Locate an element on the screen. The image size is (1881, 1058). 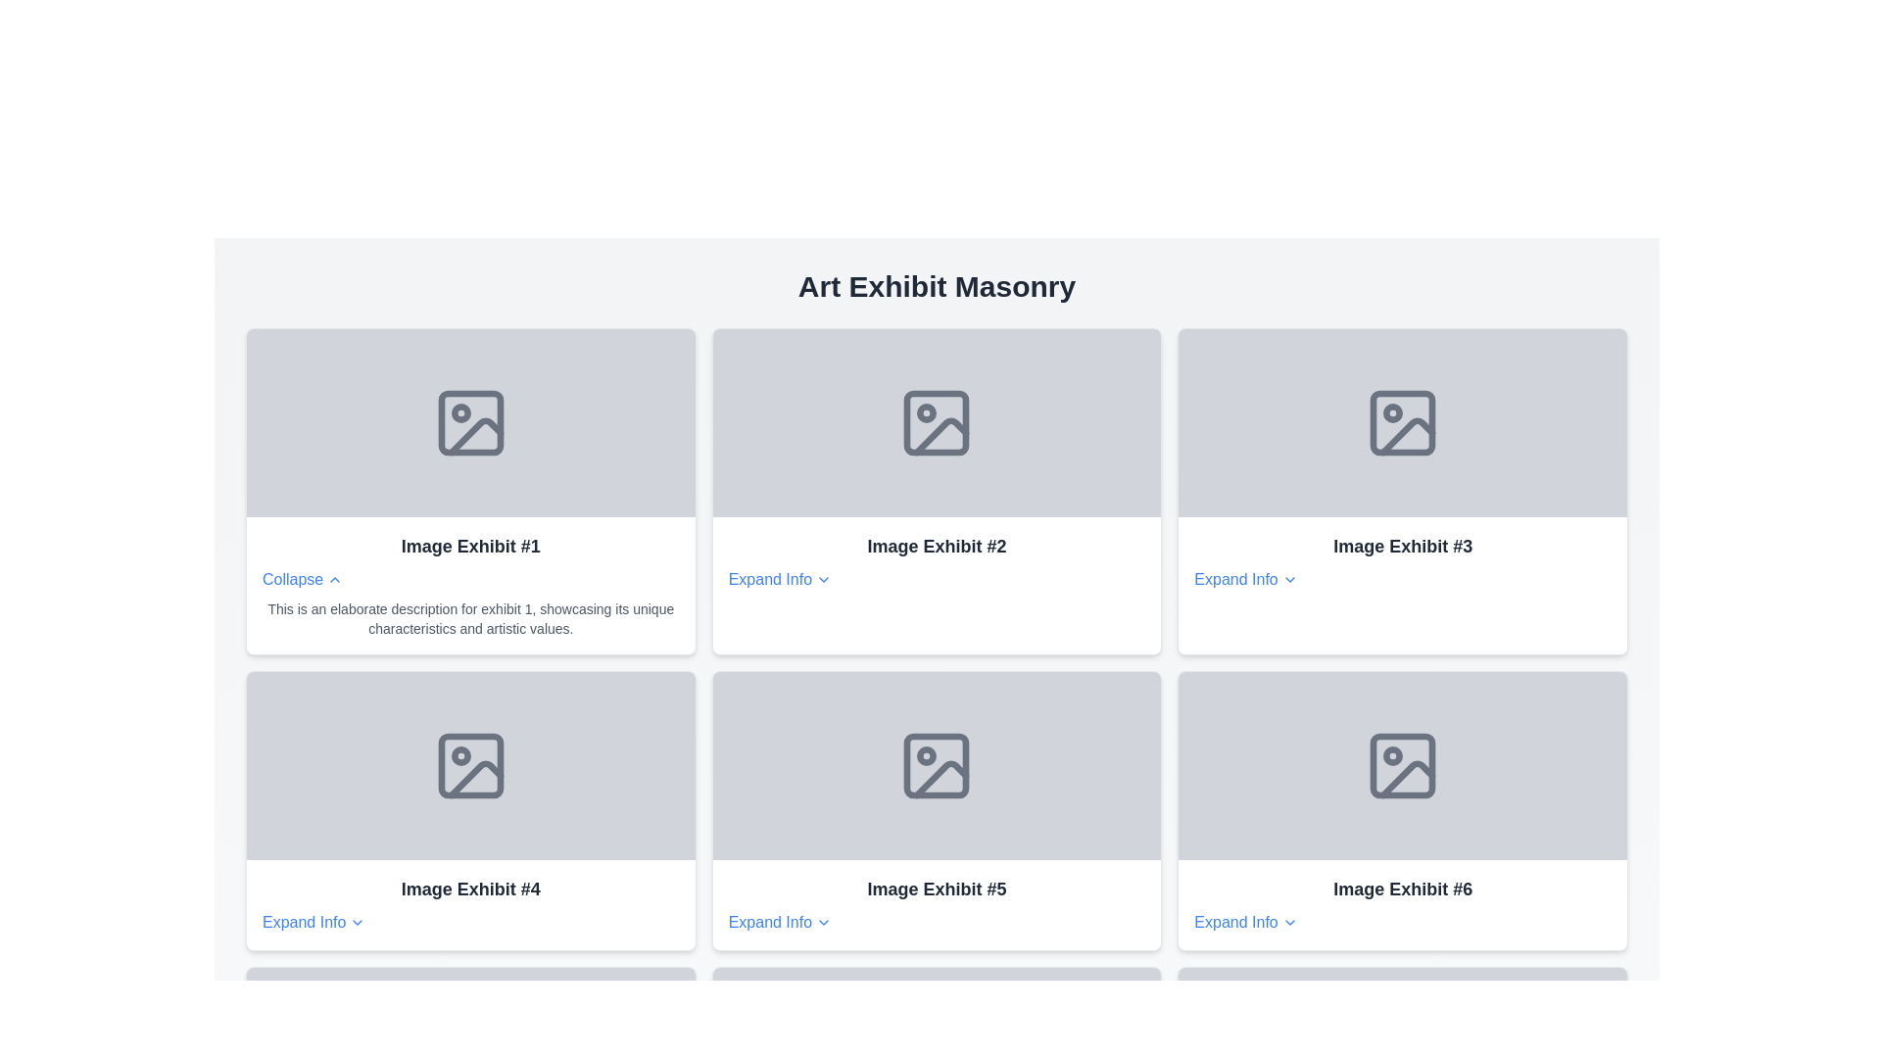
the title text located in the third card of the first row of the exhibit grid, positioned below the image icon and above the 'Expand Info' link and arrow icon, to potentially trigger an interaction is located at coordinates (1402, 547).